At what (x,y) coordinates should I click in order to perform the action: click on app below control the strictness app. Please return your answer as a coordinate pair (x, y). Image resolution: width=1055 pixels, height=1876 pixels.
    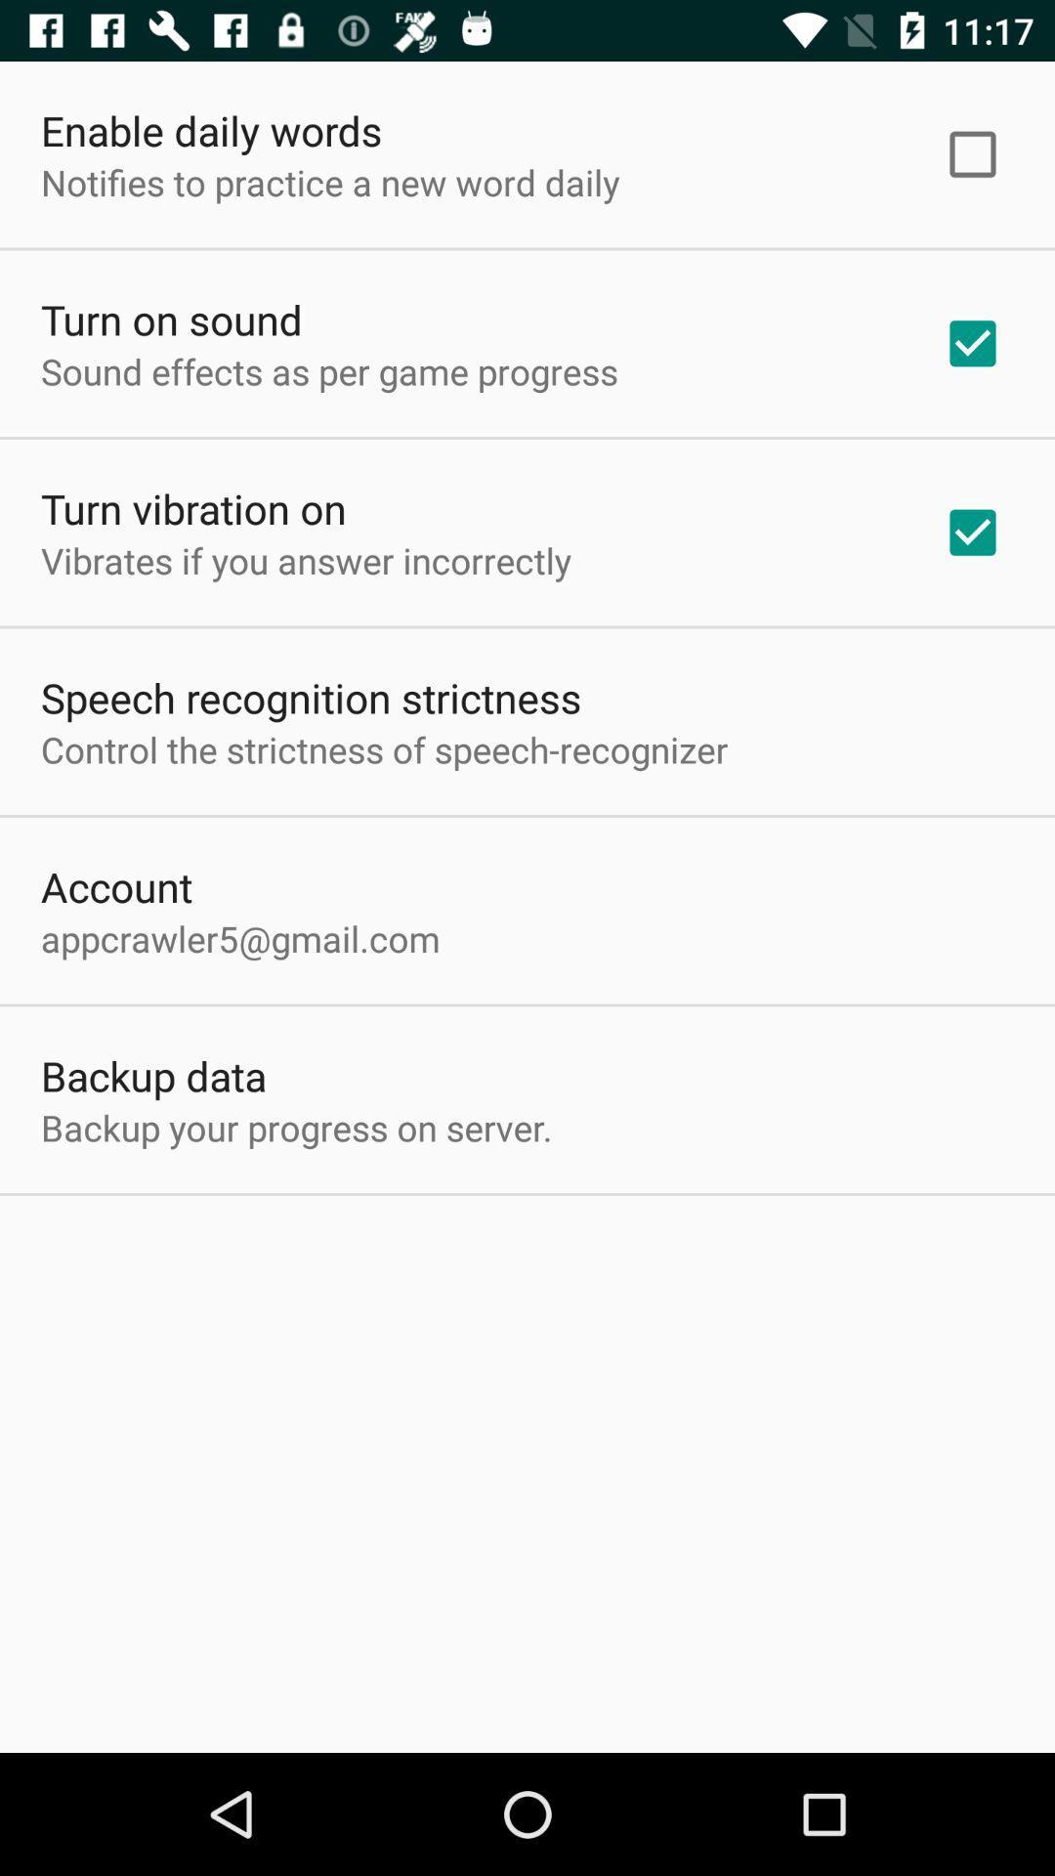
    Looking at the image, I should click on (116, 885).